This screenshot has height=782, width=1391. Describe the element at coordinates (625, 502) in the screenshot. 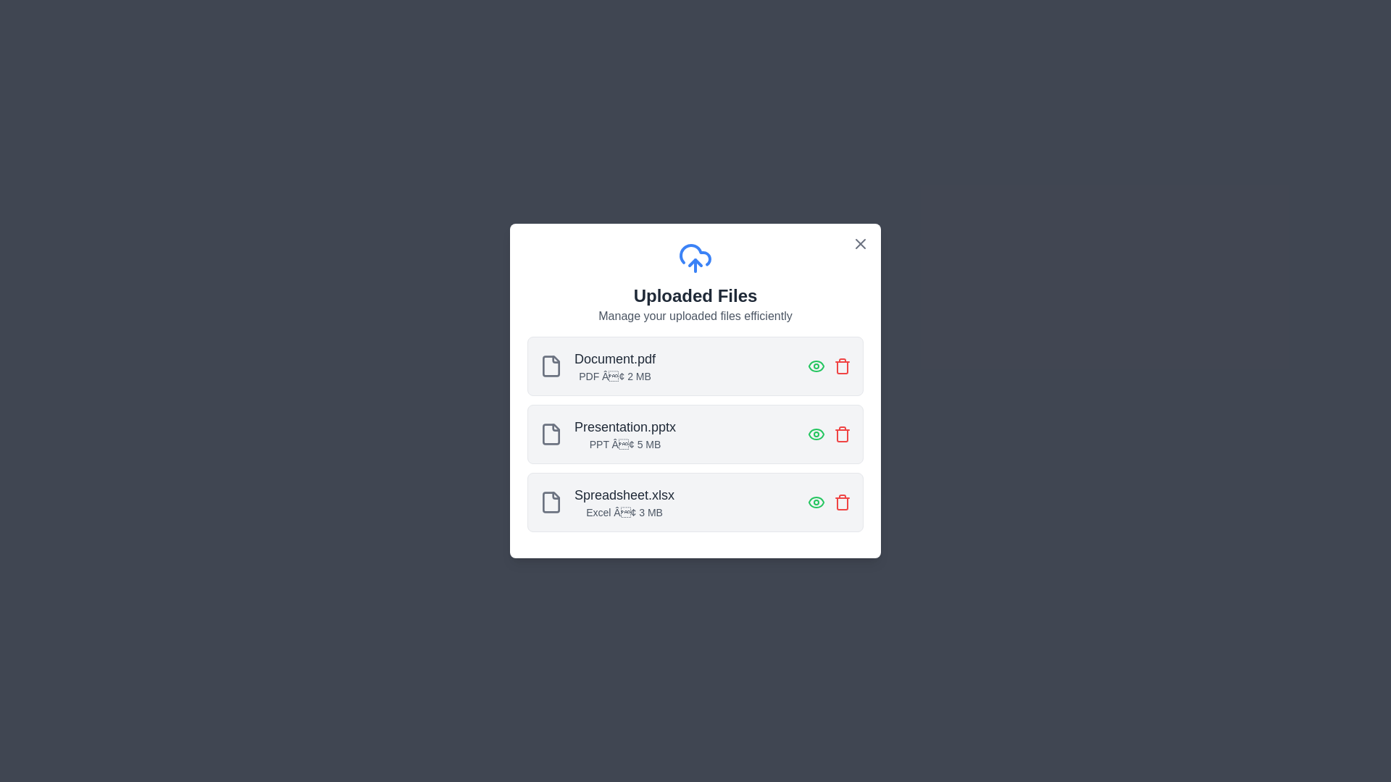

I see `the text display for 'Spreadsheet.xlsx' to associate the file with the control buttons (eye and trash can icons) on the right` at that location.